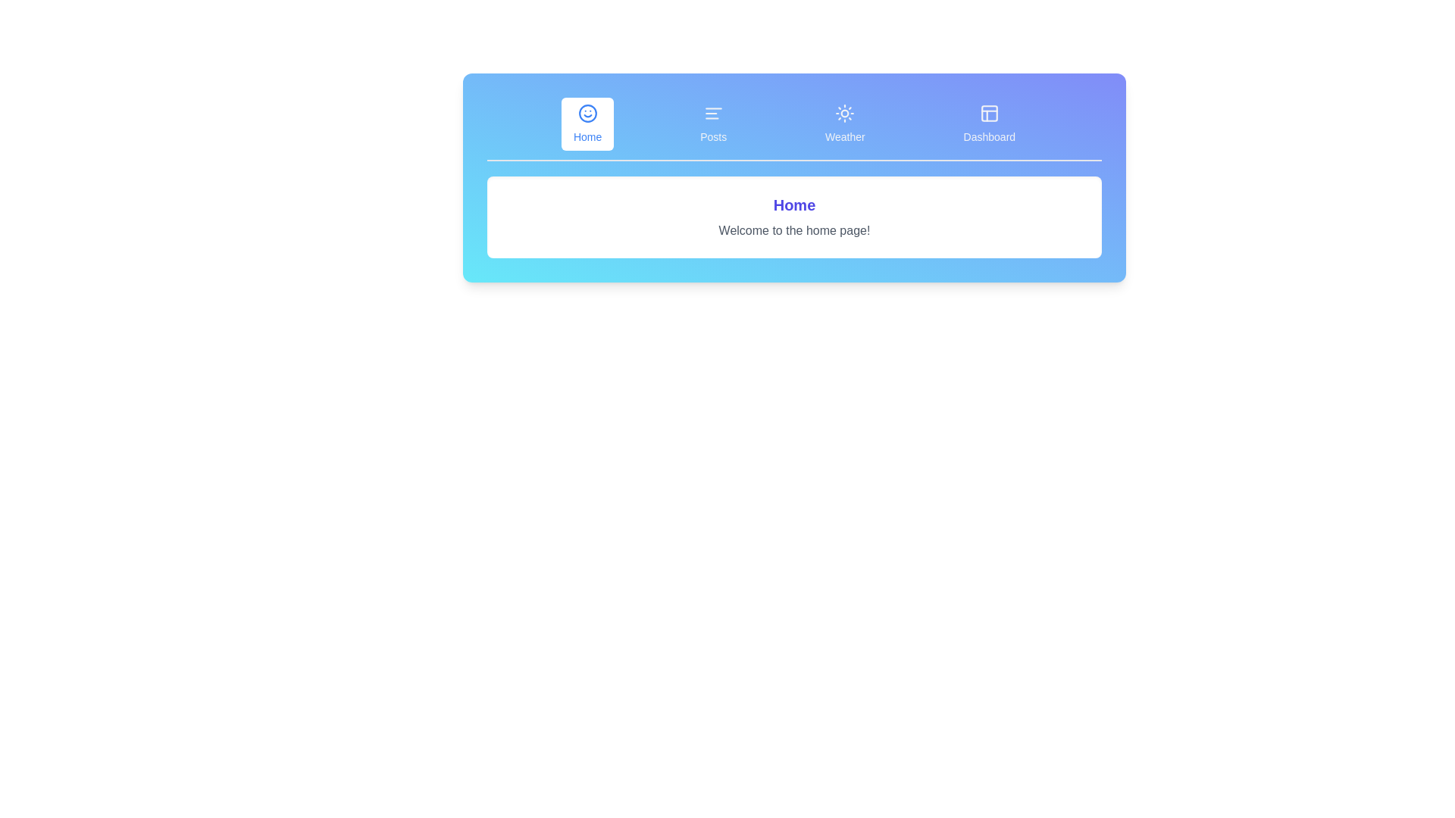 This screenshot has height=818, width=1455. I want to click on the tab labeled Home to observe the effect, so click(587, 123).